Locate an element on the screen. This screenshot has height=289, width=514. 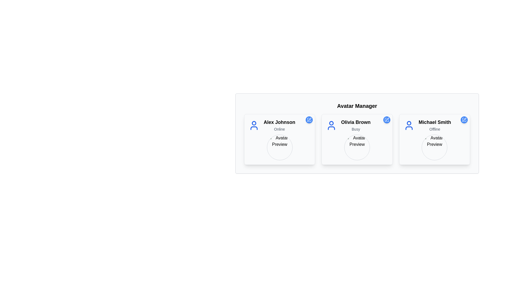
the Text Label with Icon displaying 'Alex Johnson' and status 'Online', located in the center-left card under 'Avatar Manager' is located at coordinates (279, 126).